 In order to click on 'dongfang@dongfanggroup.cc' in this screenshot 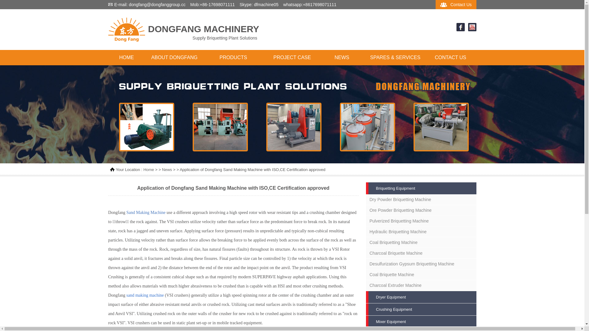, I will do `click(157, 5)`.